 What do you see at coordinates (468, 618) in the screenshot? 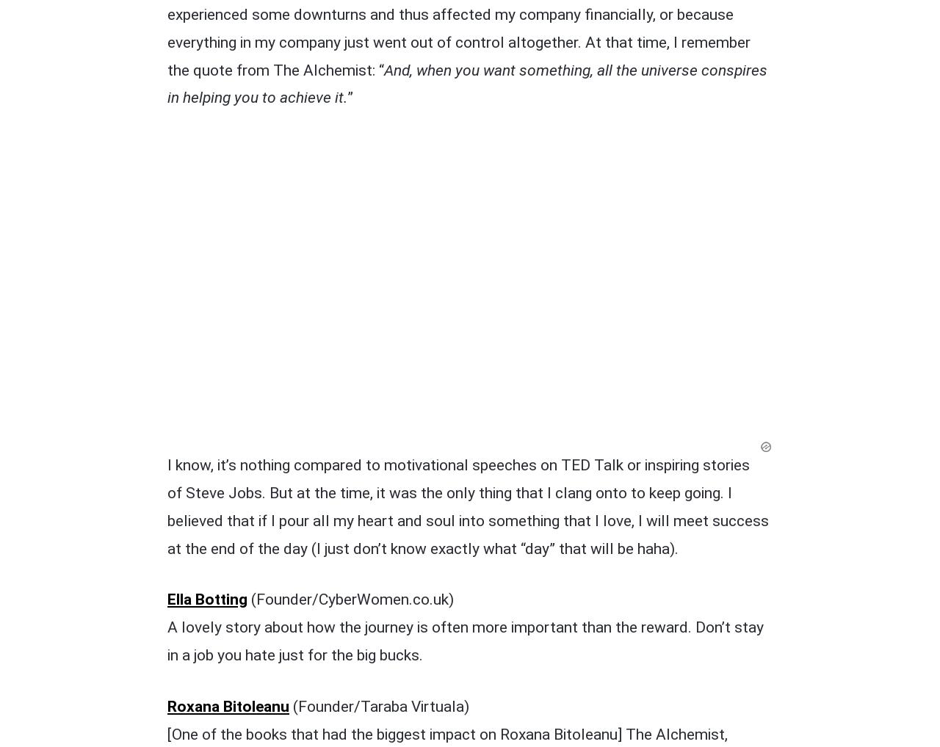
I see `'I see it as a spiritual guide, it helps me see things differently, with hindsight. What I like the most is that it reminds me that sometimes it’s better to listen to your heart rather than people telling you what you should do. And I think it’s really important, especially in this industry. A lot of people have something to say and advice to give, but in the end it’s different for everyone so it’s important to listen to your guts.
I listen to it on my phone, the narrators are really awesome in the French version. It relaxes me and it’s my n°1 technique to get to sleep.'` at bounding box center [468, 618].